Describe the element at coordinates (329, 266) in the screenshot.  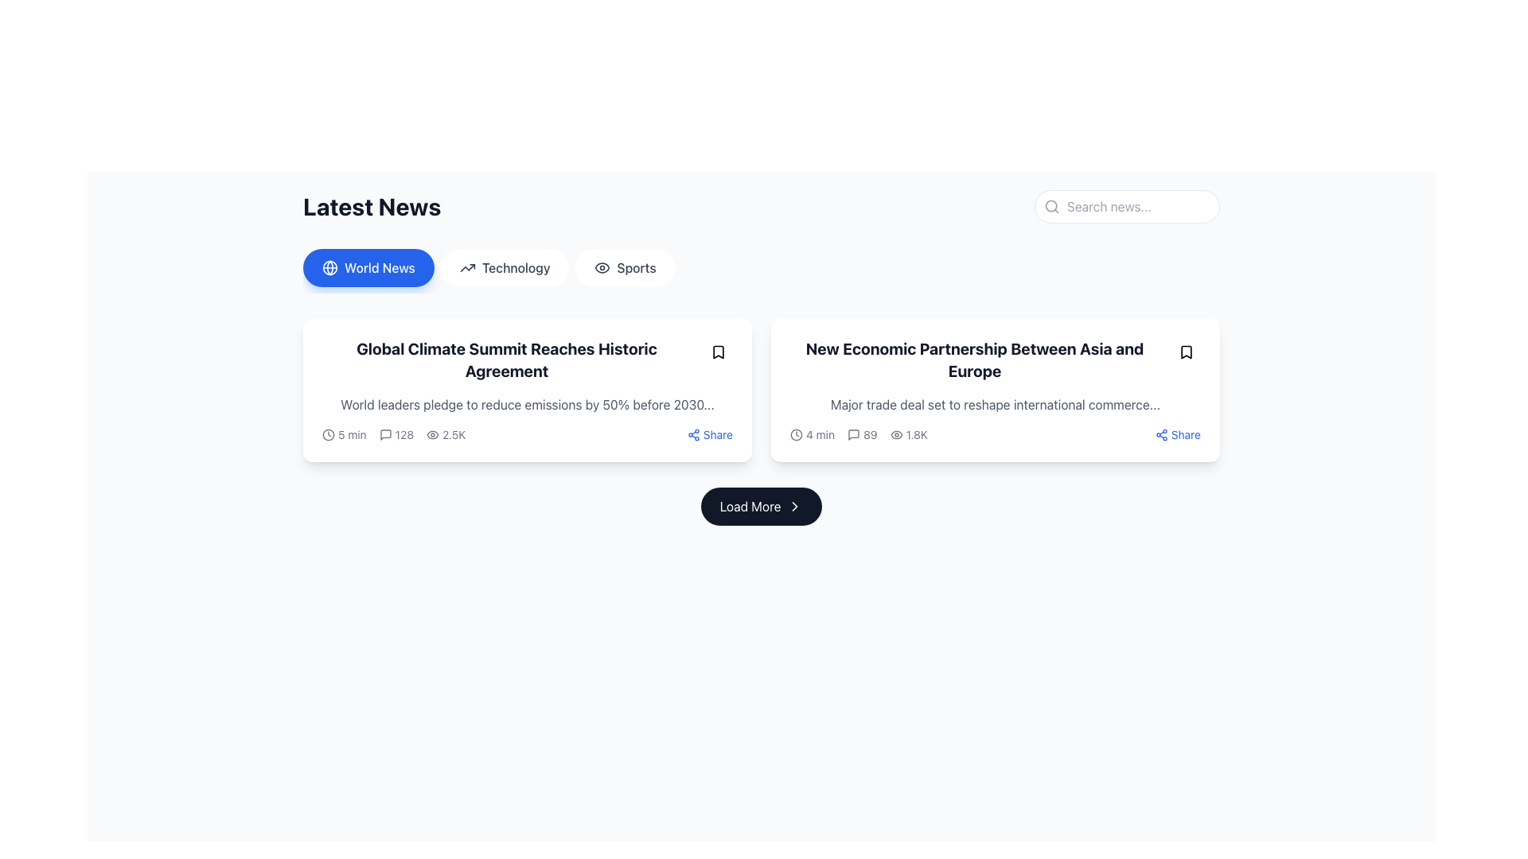
I see `the central SVG Circle element of the globe icon located near the world news section header` at that location.